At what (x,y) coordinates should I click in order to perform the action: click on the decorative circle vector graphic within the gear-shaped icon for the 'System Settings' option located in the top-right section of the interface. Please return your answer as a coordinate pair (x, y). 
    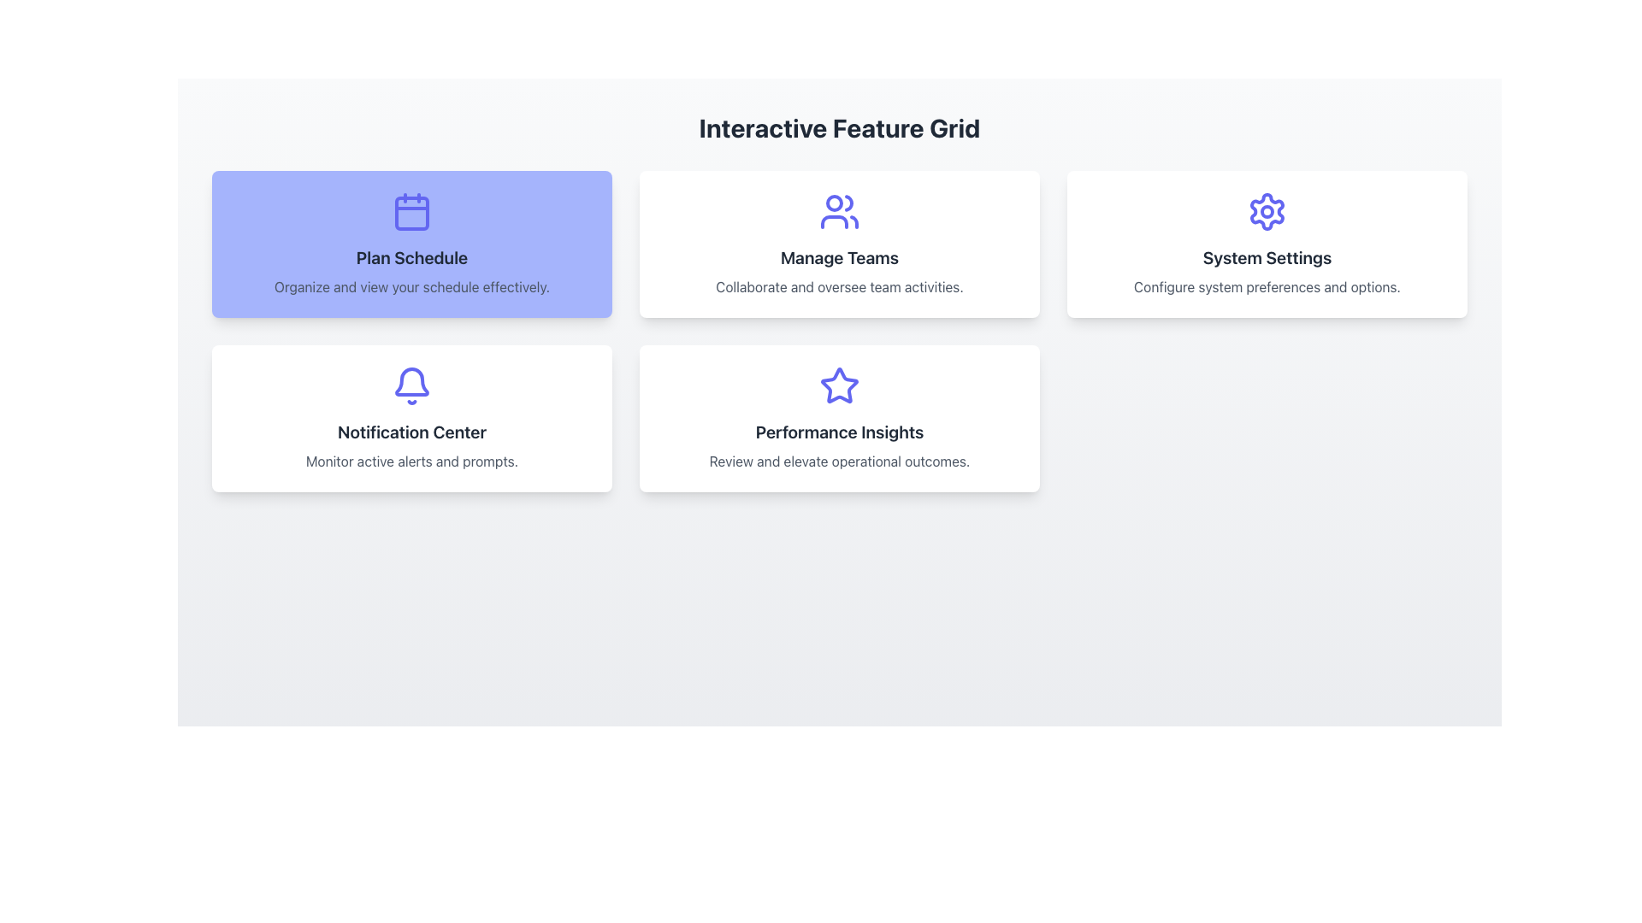
    Looking at the image, I should click on (1267, 210).